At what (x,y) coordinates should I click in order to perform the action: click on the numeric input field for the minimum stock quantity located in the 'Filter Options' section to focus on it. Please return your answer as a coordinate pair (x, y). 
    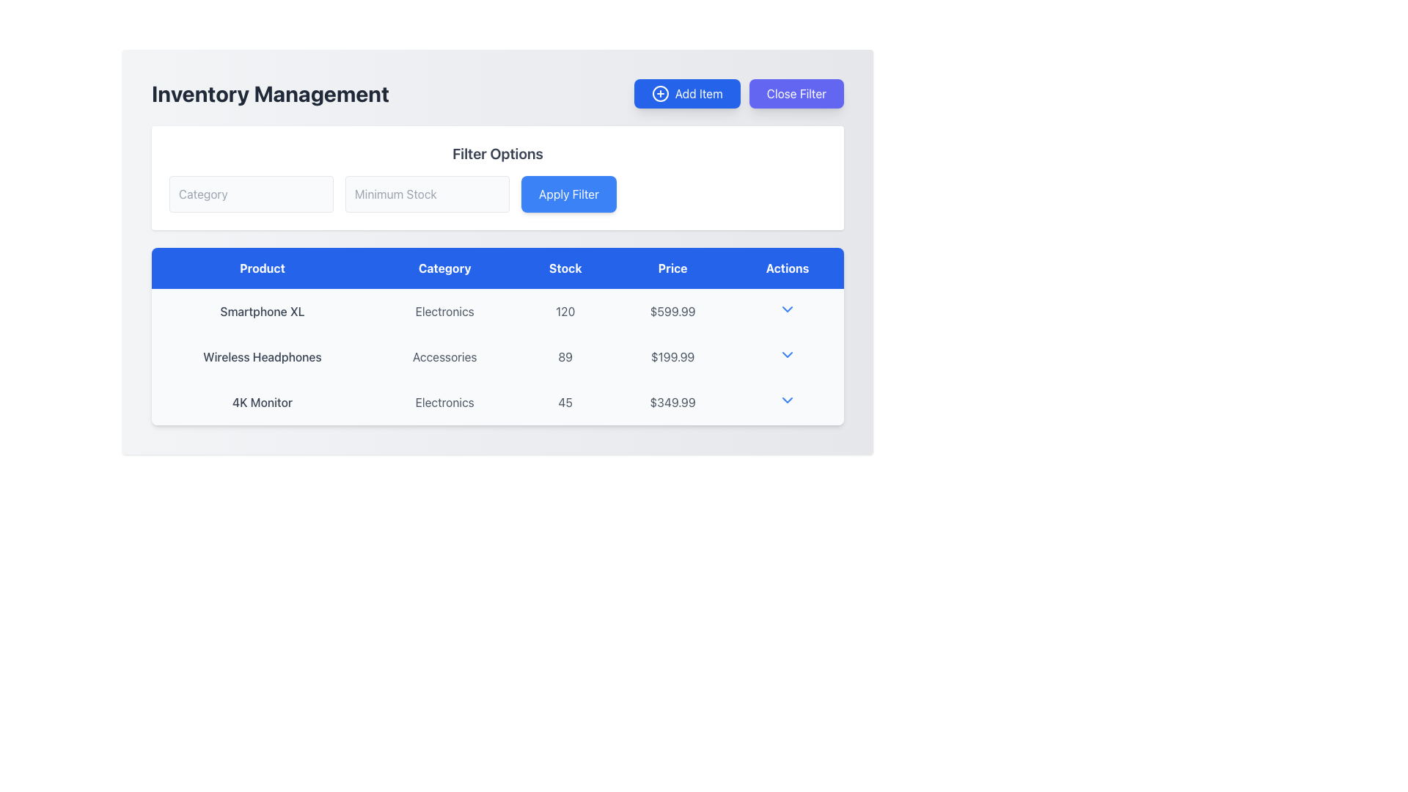
    Looking at the image, I should click on (426, 194).